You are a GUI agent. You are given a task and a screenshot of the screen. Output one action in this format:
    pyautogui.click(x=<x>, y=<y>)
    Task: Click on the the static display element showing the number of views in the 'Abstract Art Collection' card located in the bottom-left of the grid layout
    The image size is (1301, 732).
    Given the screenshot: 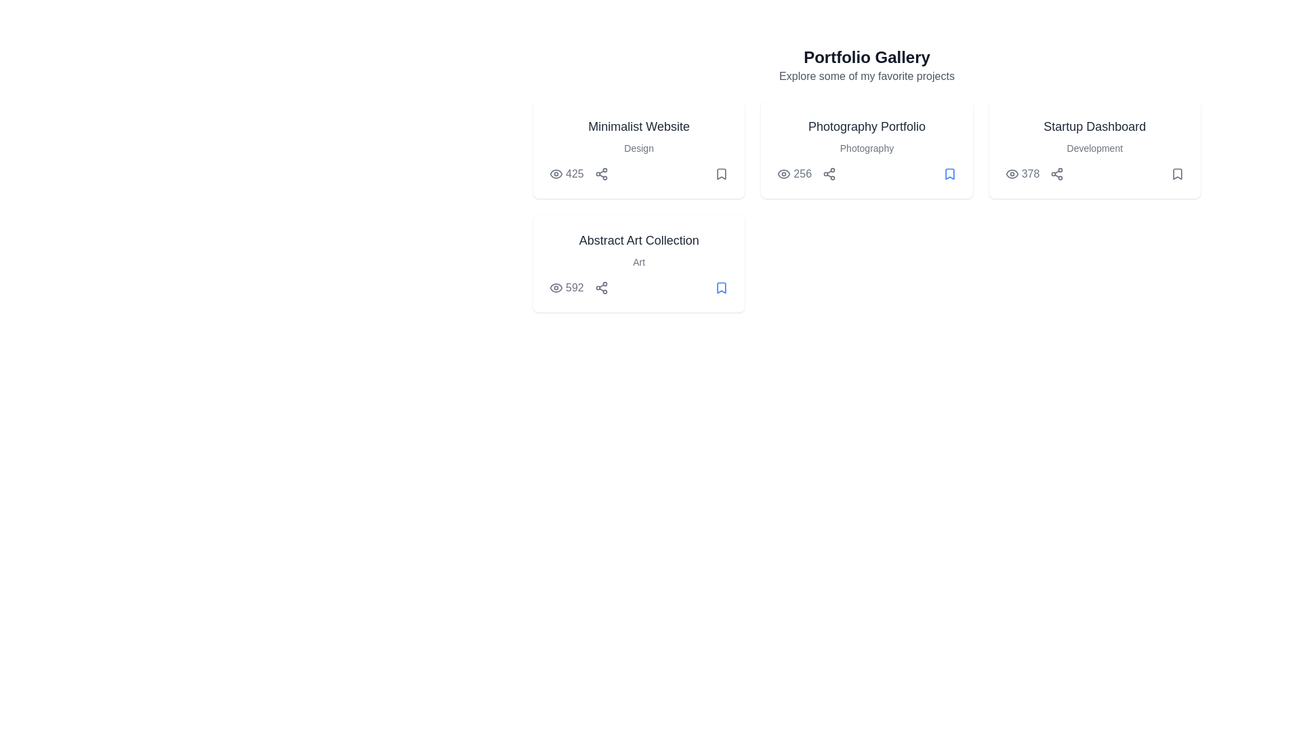 What is the action you would take?
    pyautogui.click(x=566, y=287)
    